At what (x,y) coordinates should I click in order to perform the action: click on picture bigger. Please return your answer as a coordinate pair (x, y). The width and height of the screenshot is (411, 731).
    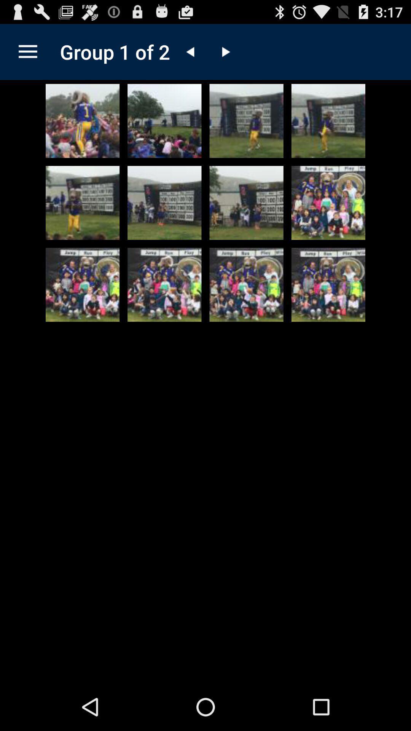
    Looking at the image, I should click on (83, 203).